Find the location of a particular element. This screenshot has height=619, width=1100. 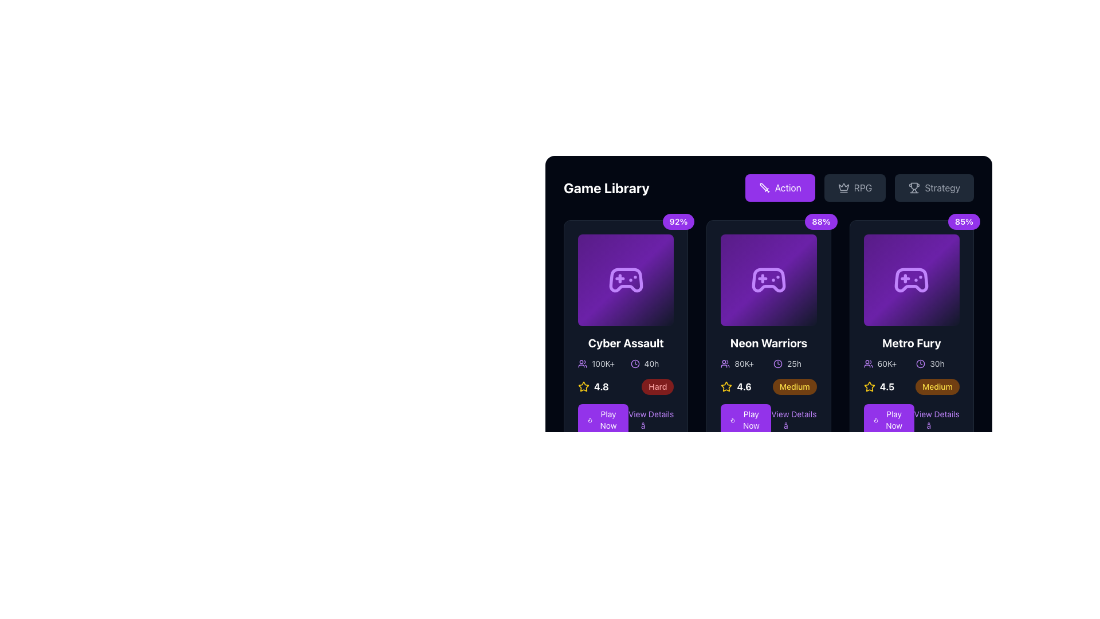

the star icon located below the 'Neon Warriors' game card in the rating section, which represents the rating score is located at coordinates (869, 386).